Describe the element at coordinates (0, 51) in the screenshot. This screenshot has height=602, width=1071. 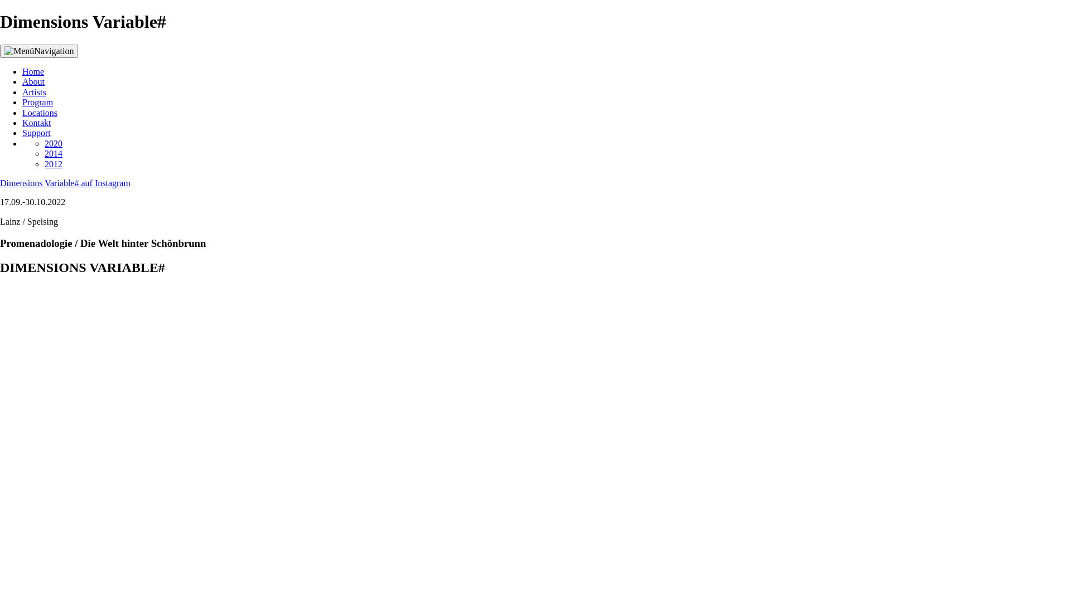
I see `'Navigation'` at that location.